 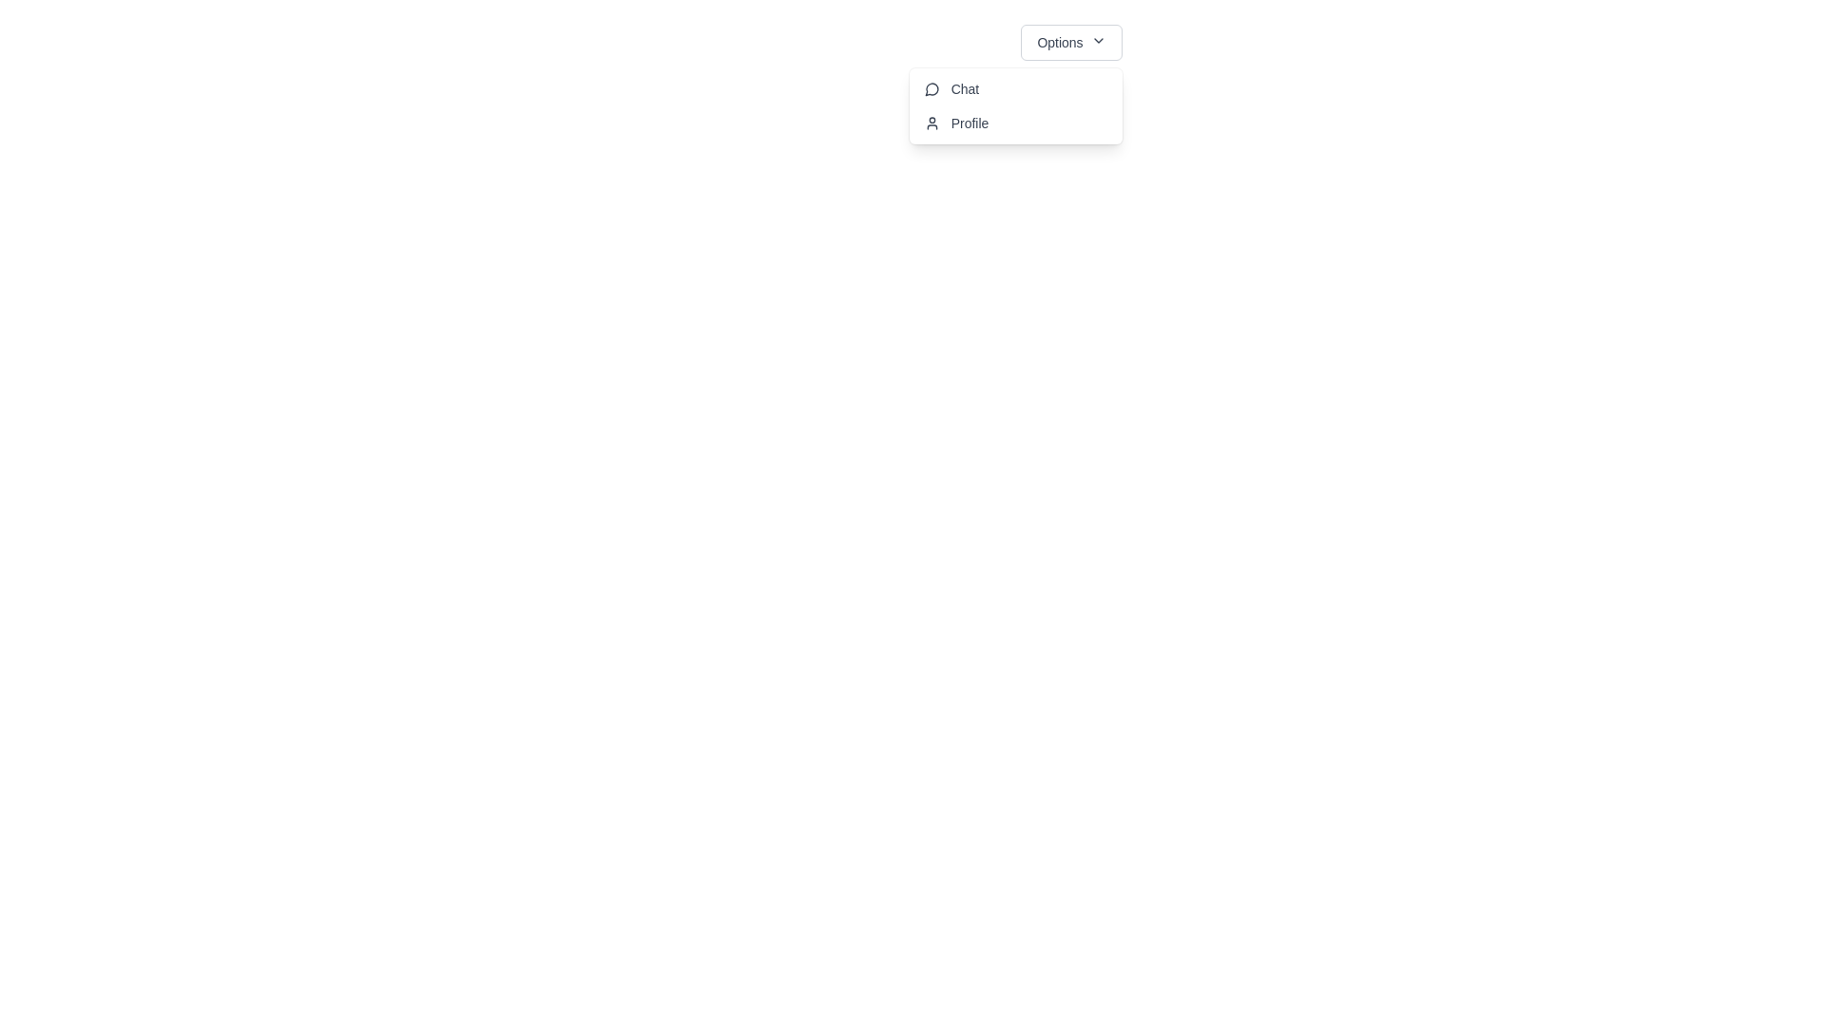 I want to click on the 'Profile' button with a user icon in the dropdown menu under the 'Options' button, so click(x=956, y=123).